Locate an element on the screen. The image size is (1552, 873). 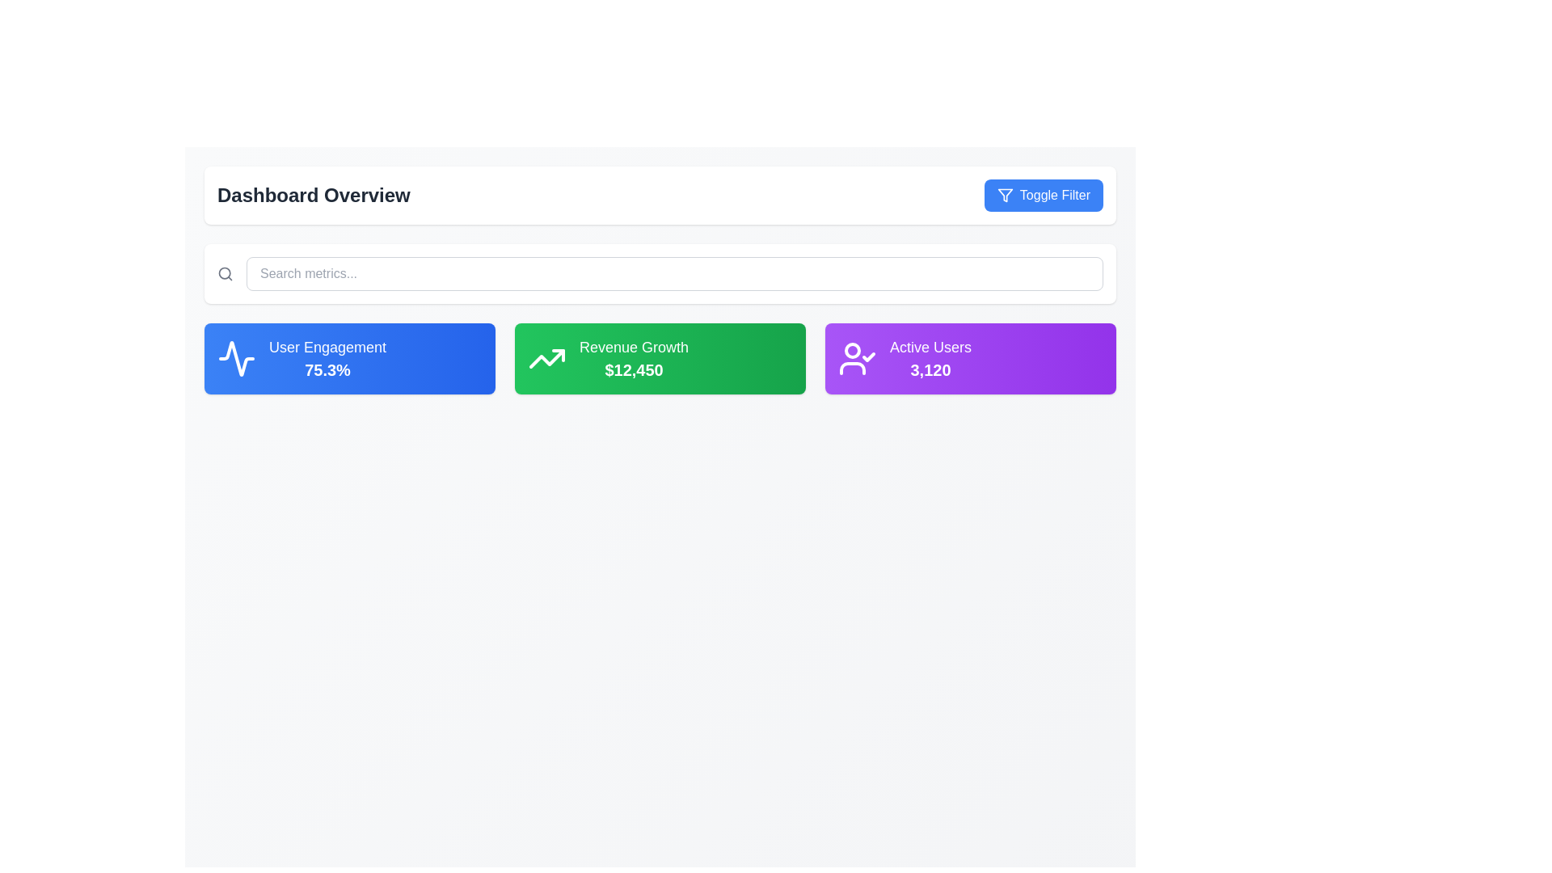
the growth icon located within the green 'Revenue Growth' card, adjacent to the text '$12,450' is located at coordinates (546, 357).